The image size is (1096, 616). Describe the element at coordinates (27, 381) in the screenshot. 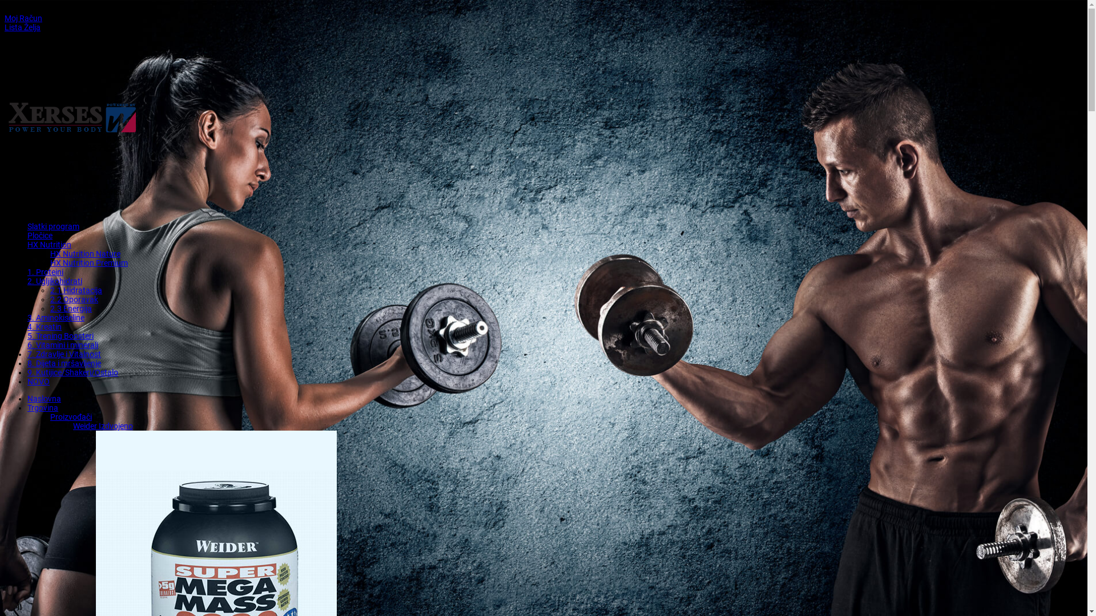

I see `'NOVO'` at that location.